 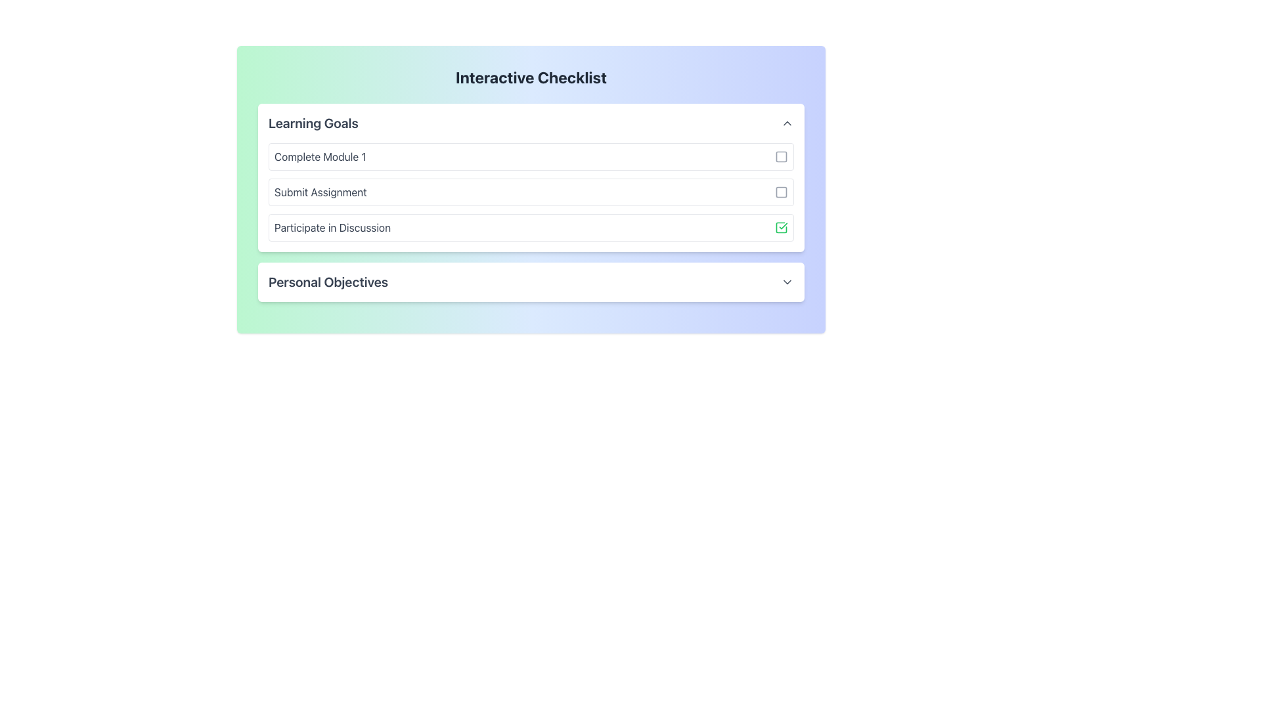 I want to click on the green-colored checkmark icon within the square-shaped checkbox located at the far right end of the 'Participate in Discussion' row in the 'Learning Goals' section, so click(x=782, y=227).